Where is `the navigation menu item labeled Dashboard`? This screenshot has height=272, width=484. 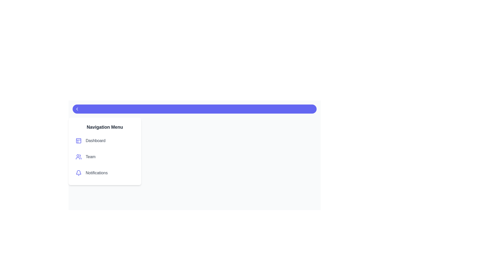 the navigation menu item labeled Dashboard is located at coordinates (105, 141).